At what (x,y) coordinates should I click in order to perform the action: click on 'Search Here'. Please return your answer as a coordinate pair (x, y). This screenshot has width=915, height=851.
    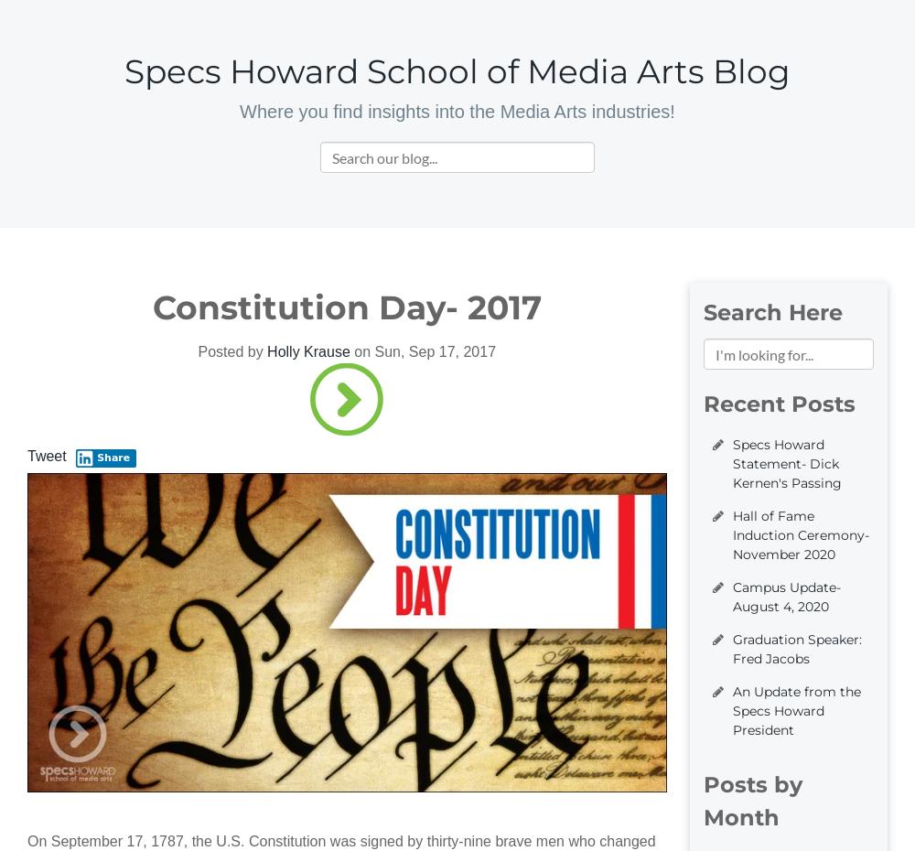
    Looking at the image, I should click on (772, 311).